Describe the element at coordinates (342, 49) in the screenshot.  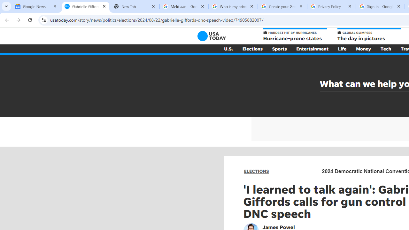
I see `'Life'` at that location.